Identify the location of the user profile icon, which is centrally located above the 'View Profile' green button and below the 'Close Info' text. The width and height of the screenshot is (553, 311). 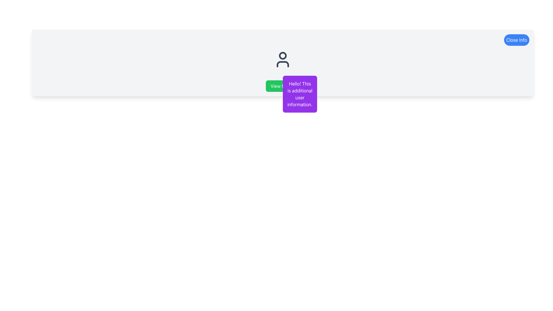
(283, 60).